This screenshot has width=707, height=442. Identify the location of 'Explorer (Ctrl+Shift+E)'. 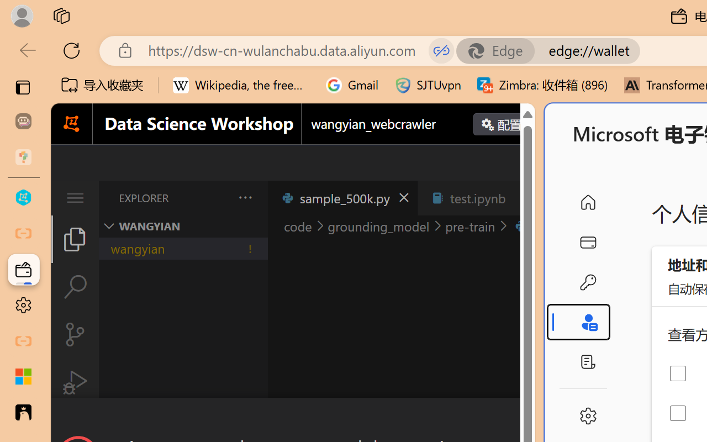
(74, 239).